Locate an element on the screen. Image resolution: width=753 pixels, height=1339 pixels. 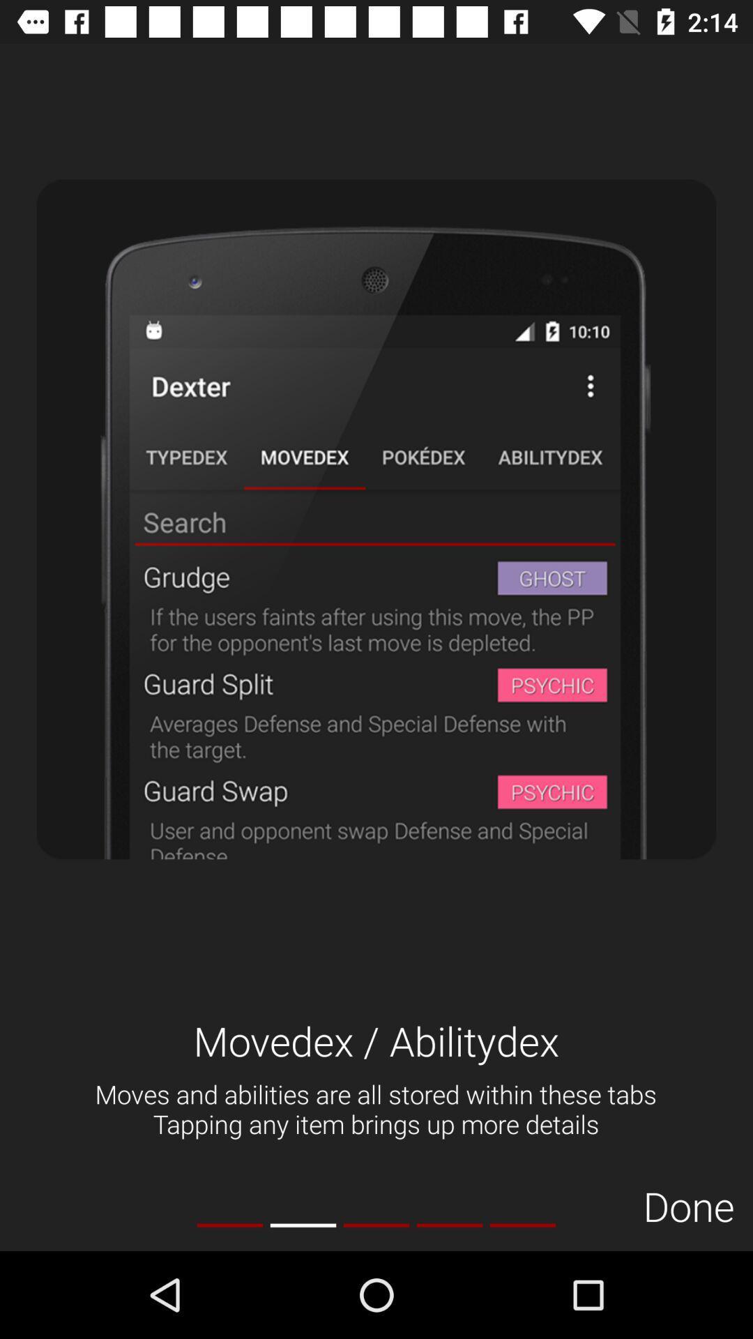
the icon at the bottom left corner is located at coordinates (229, 1225).